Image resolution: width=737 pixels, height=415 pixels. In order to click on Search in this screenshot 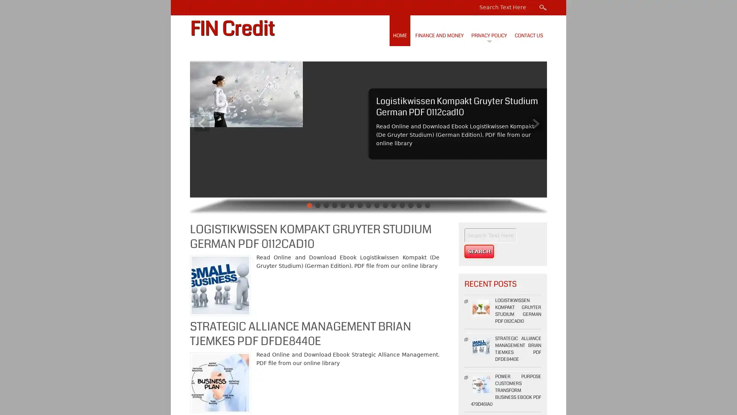, I will do `click(479, 251)`.